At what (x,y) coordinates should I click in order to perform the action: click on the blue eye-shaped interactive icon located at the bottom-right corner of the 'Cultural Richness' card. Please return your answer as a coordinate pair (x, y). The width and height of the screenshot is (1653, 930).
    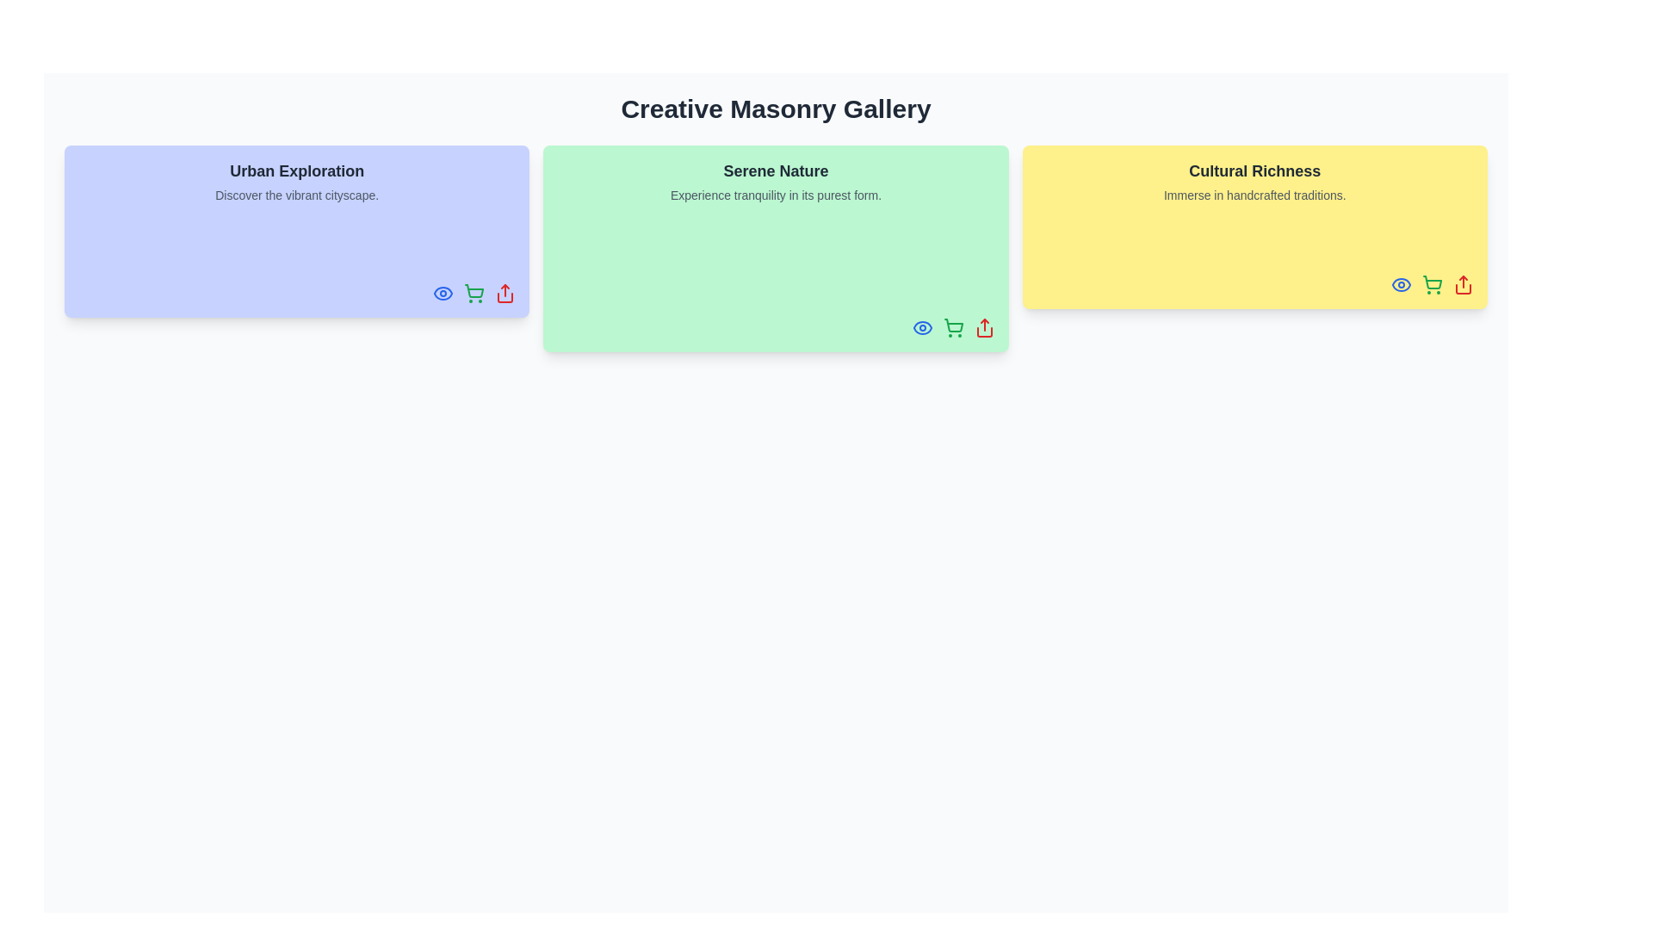
    Looking at the image, I should click on (1401, 284).